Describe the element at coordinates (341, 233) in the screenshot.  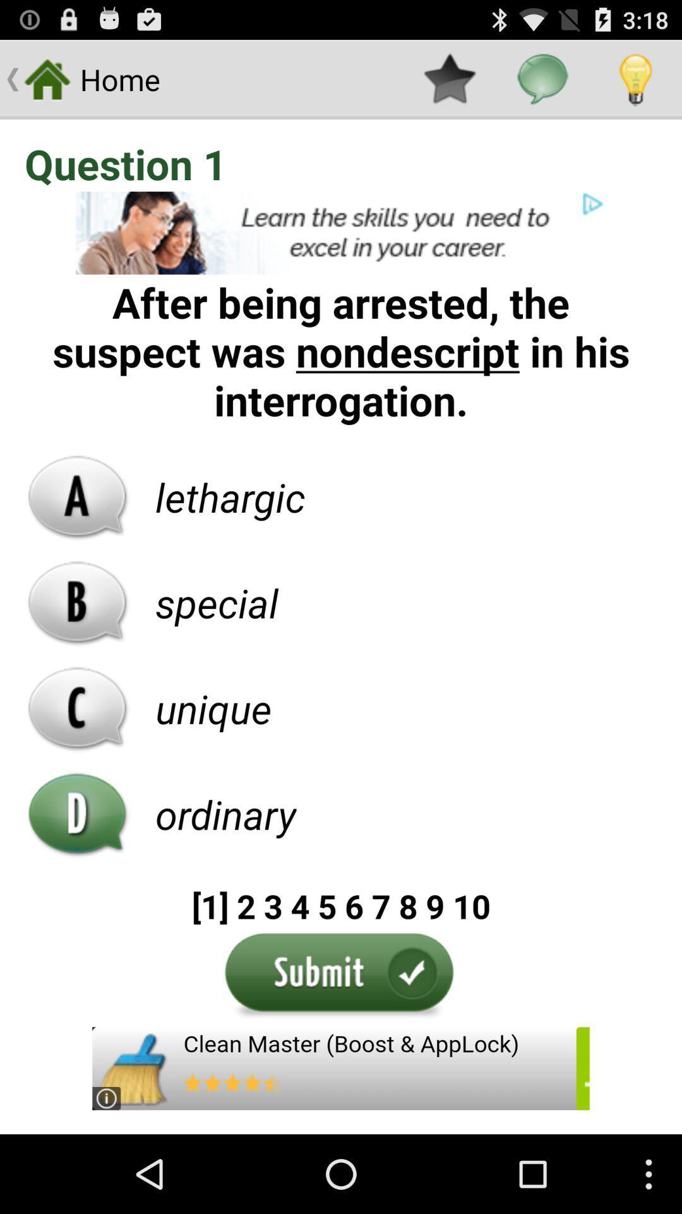
I see `link to advertisement` at that location.